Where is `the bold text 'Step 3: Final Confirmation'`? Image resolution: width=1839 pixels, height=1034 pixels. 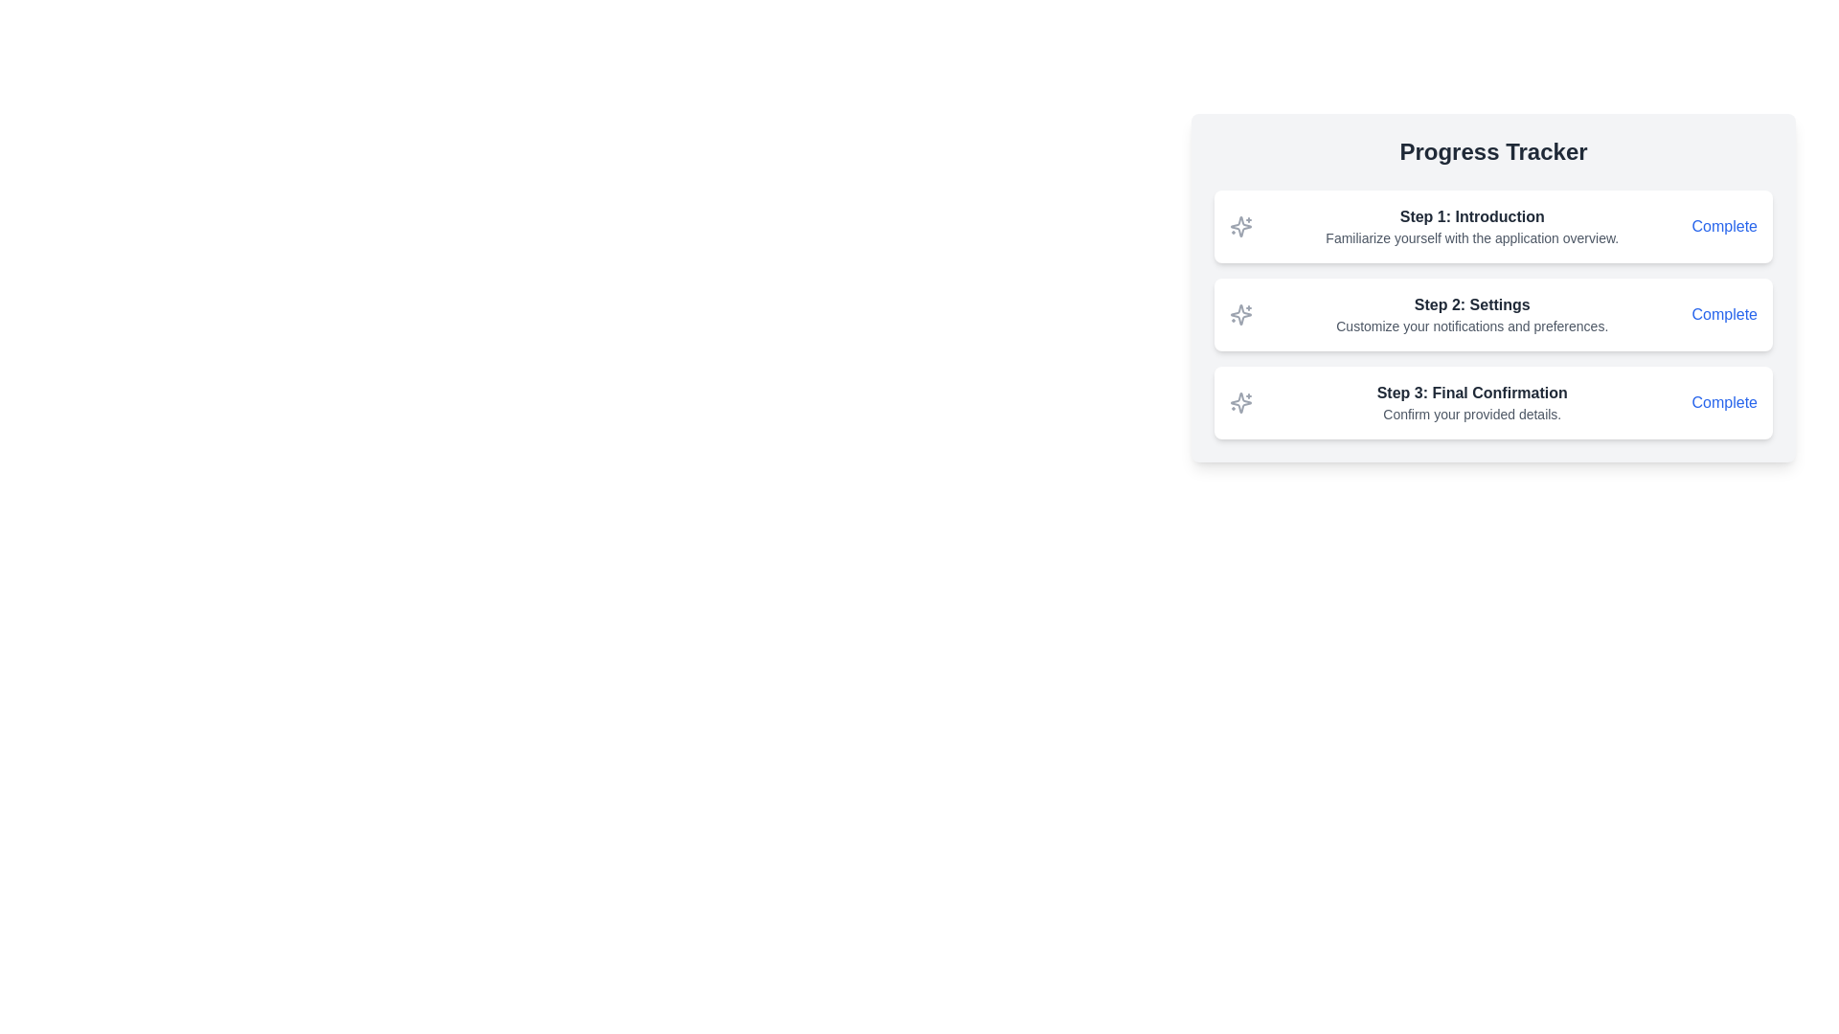 the bold text 'Step 3: Final Confirmation' is located at coordinates (1471, 393).